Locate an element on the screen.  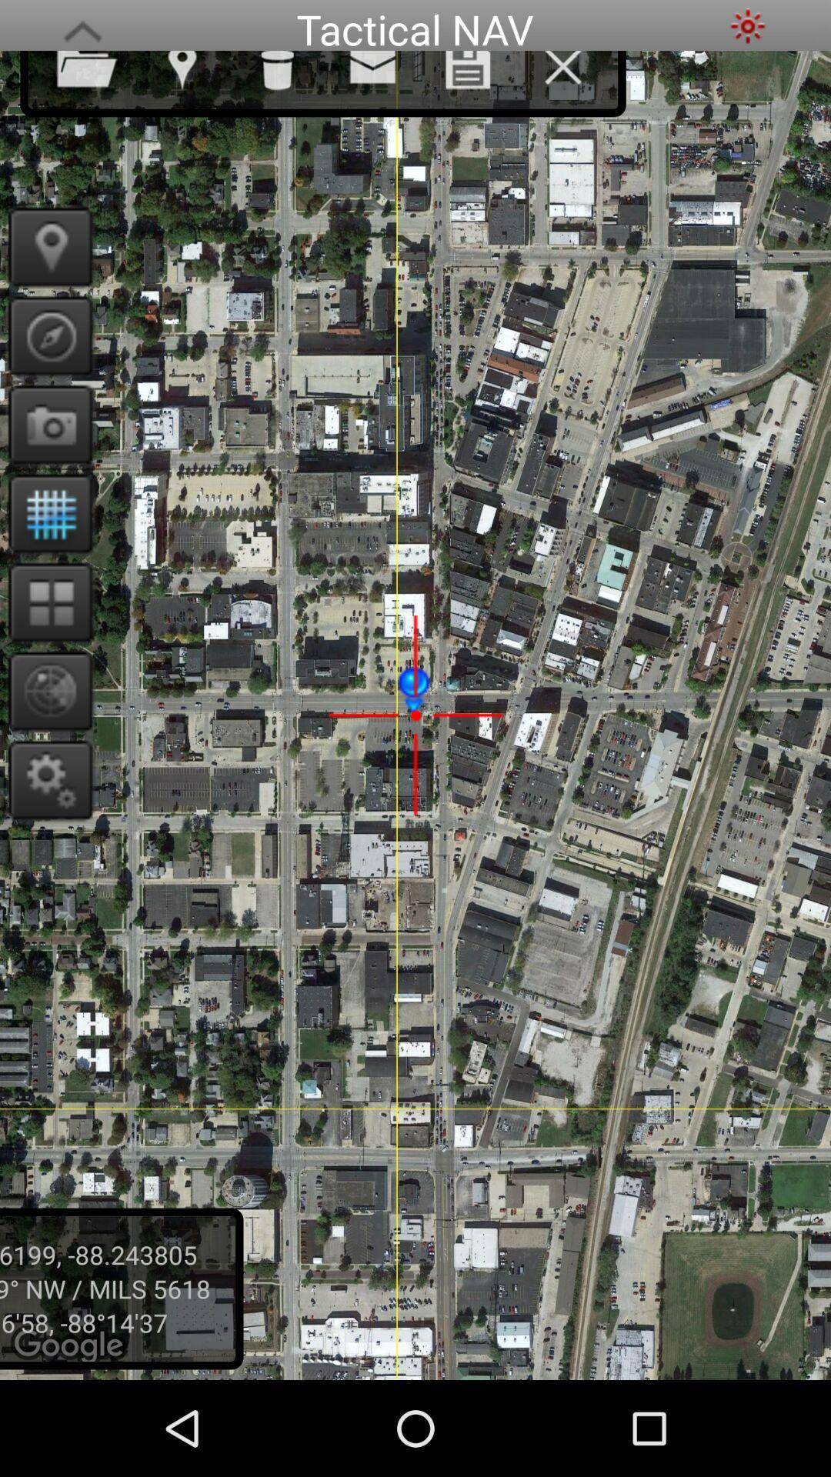
take a photo is located at coordinates (45, 425).